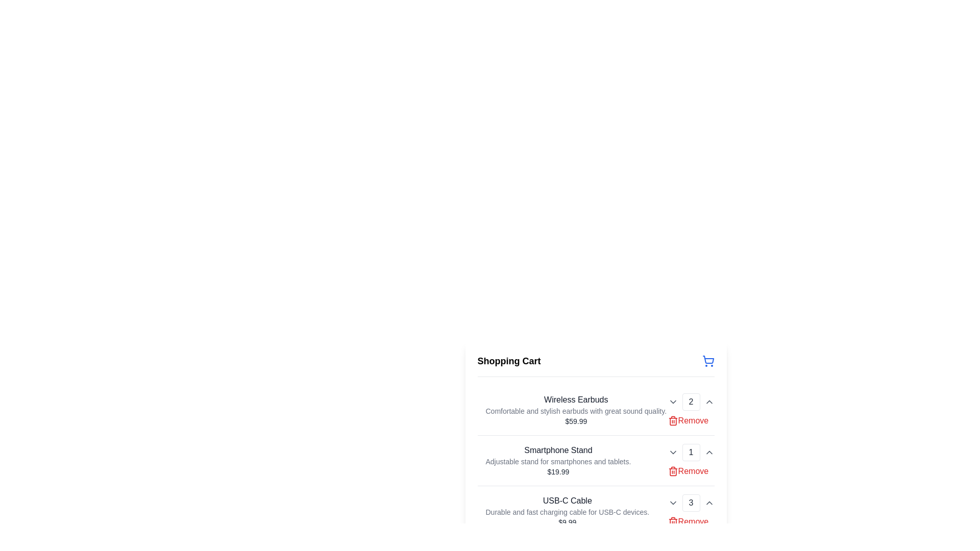 This screenshot has height=551, width=980. Describe the element at coordinates (558, 450) in the screenshot. I see `the text label 'Smartphone Stand' which is displayed in bold text and is the first item in the shopping cart list` at that location.